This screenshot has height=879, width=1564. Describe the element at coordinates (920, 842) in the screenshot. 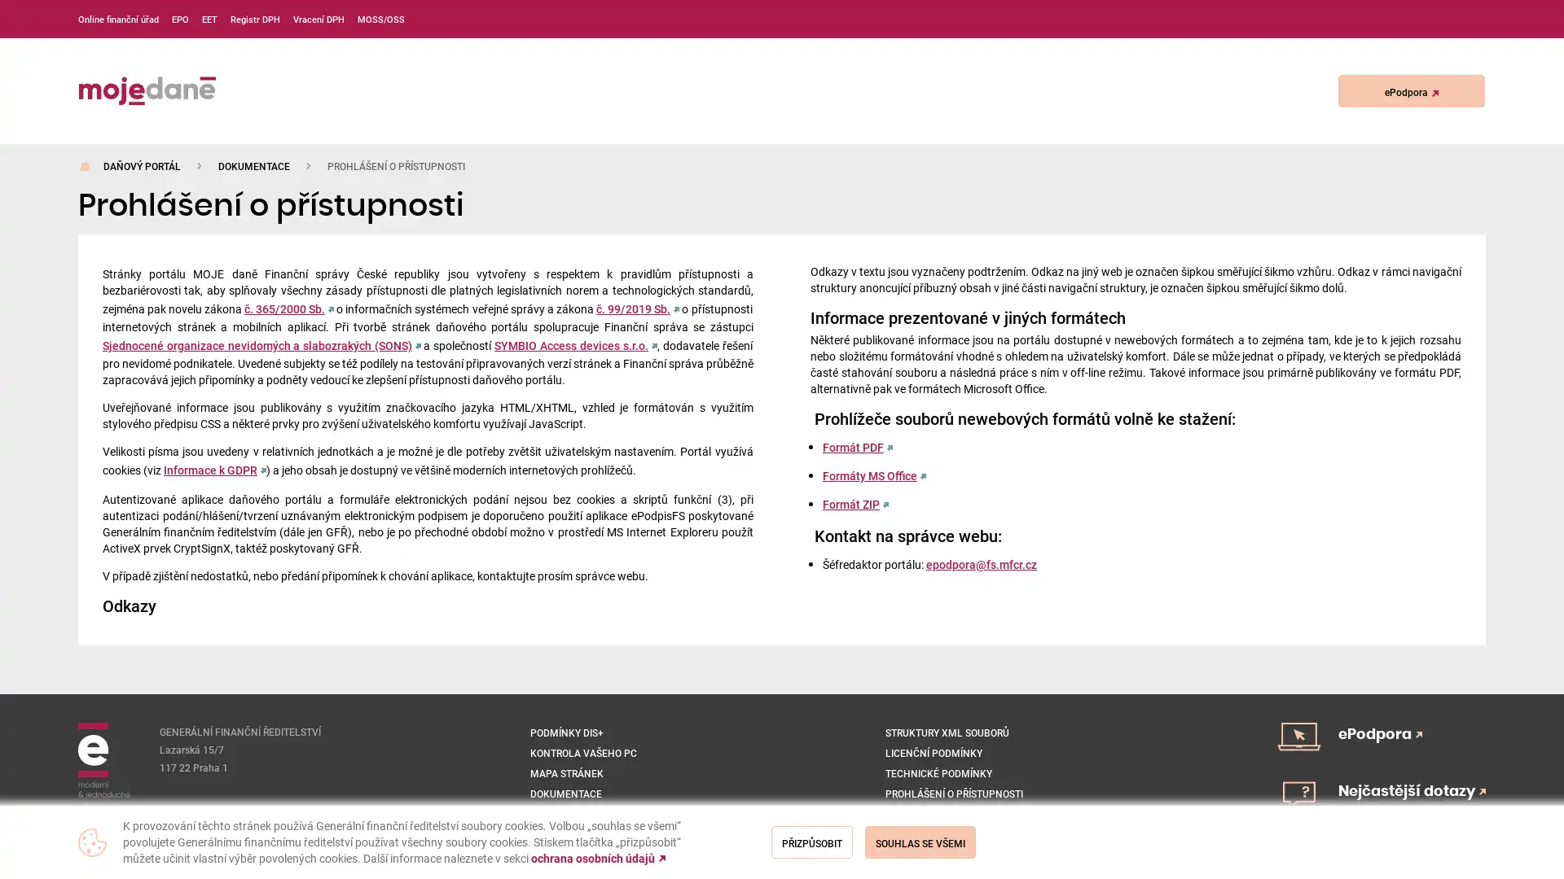

I see `Souhlas se vsemi` at that location.